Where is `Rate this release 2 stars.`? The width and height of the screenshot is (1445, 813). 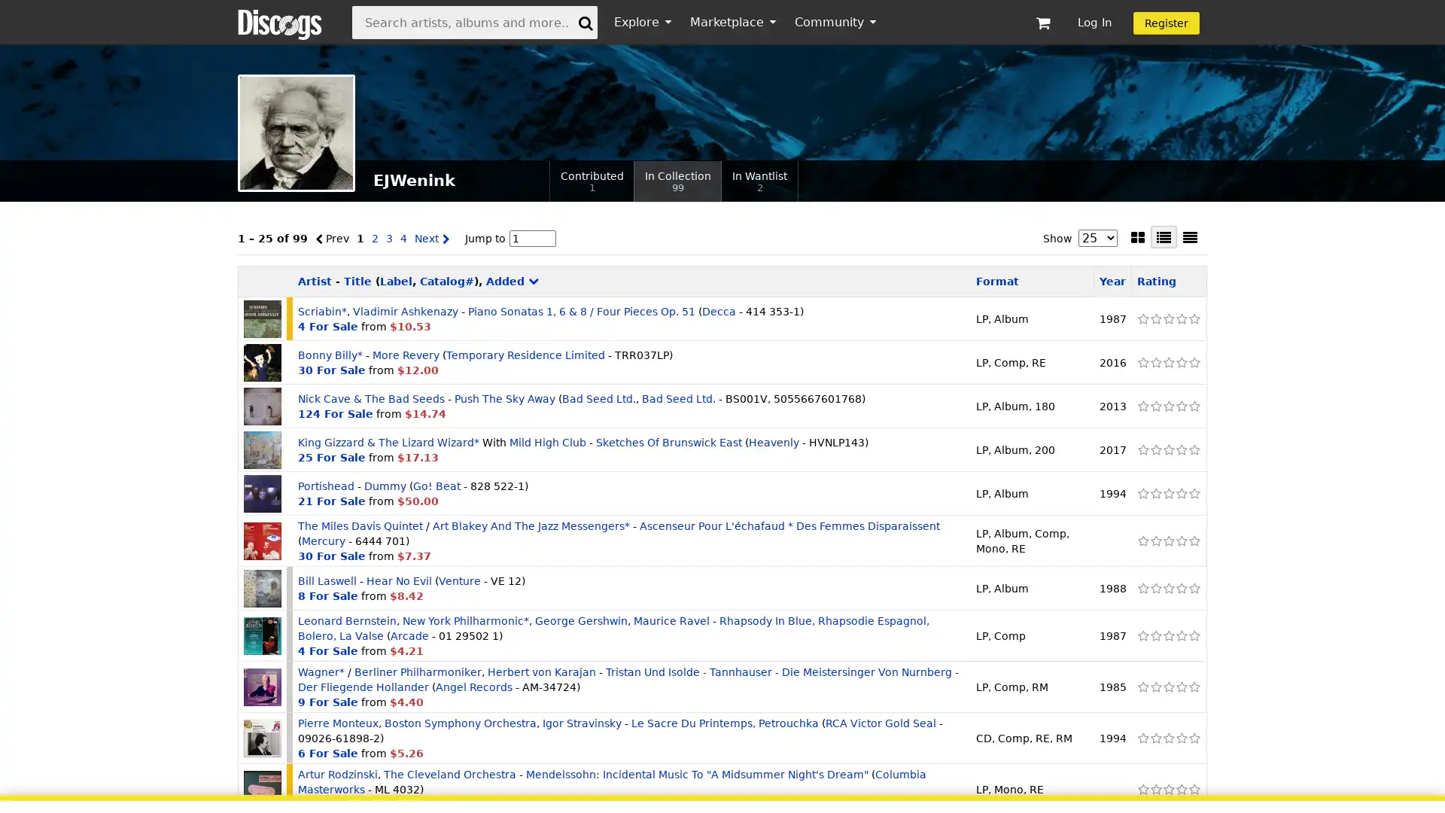
Rate this release 2 stars. is located at coordinates (1154, 789).